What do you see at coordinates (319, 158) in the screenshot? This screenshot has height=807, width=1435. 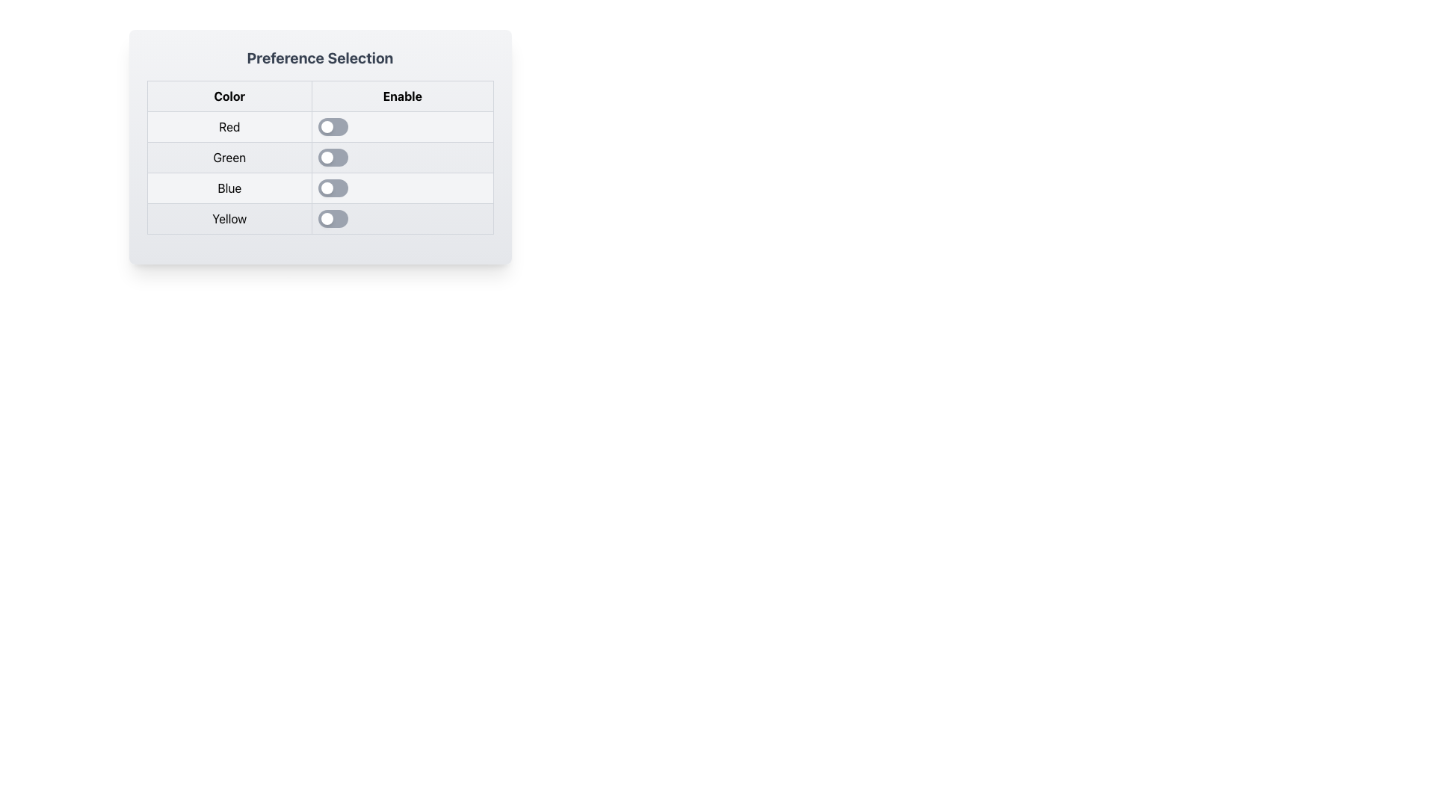 I see `the toggle switch located in the 'Enable' column of the second row, adjacent to the 'Green' preference` at bounding box center [319, 158].